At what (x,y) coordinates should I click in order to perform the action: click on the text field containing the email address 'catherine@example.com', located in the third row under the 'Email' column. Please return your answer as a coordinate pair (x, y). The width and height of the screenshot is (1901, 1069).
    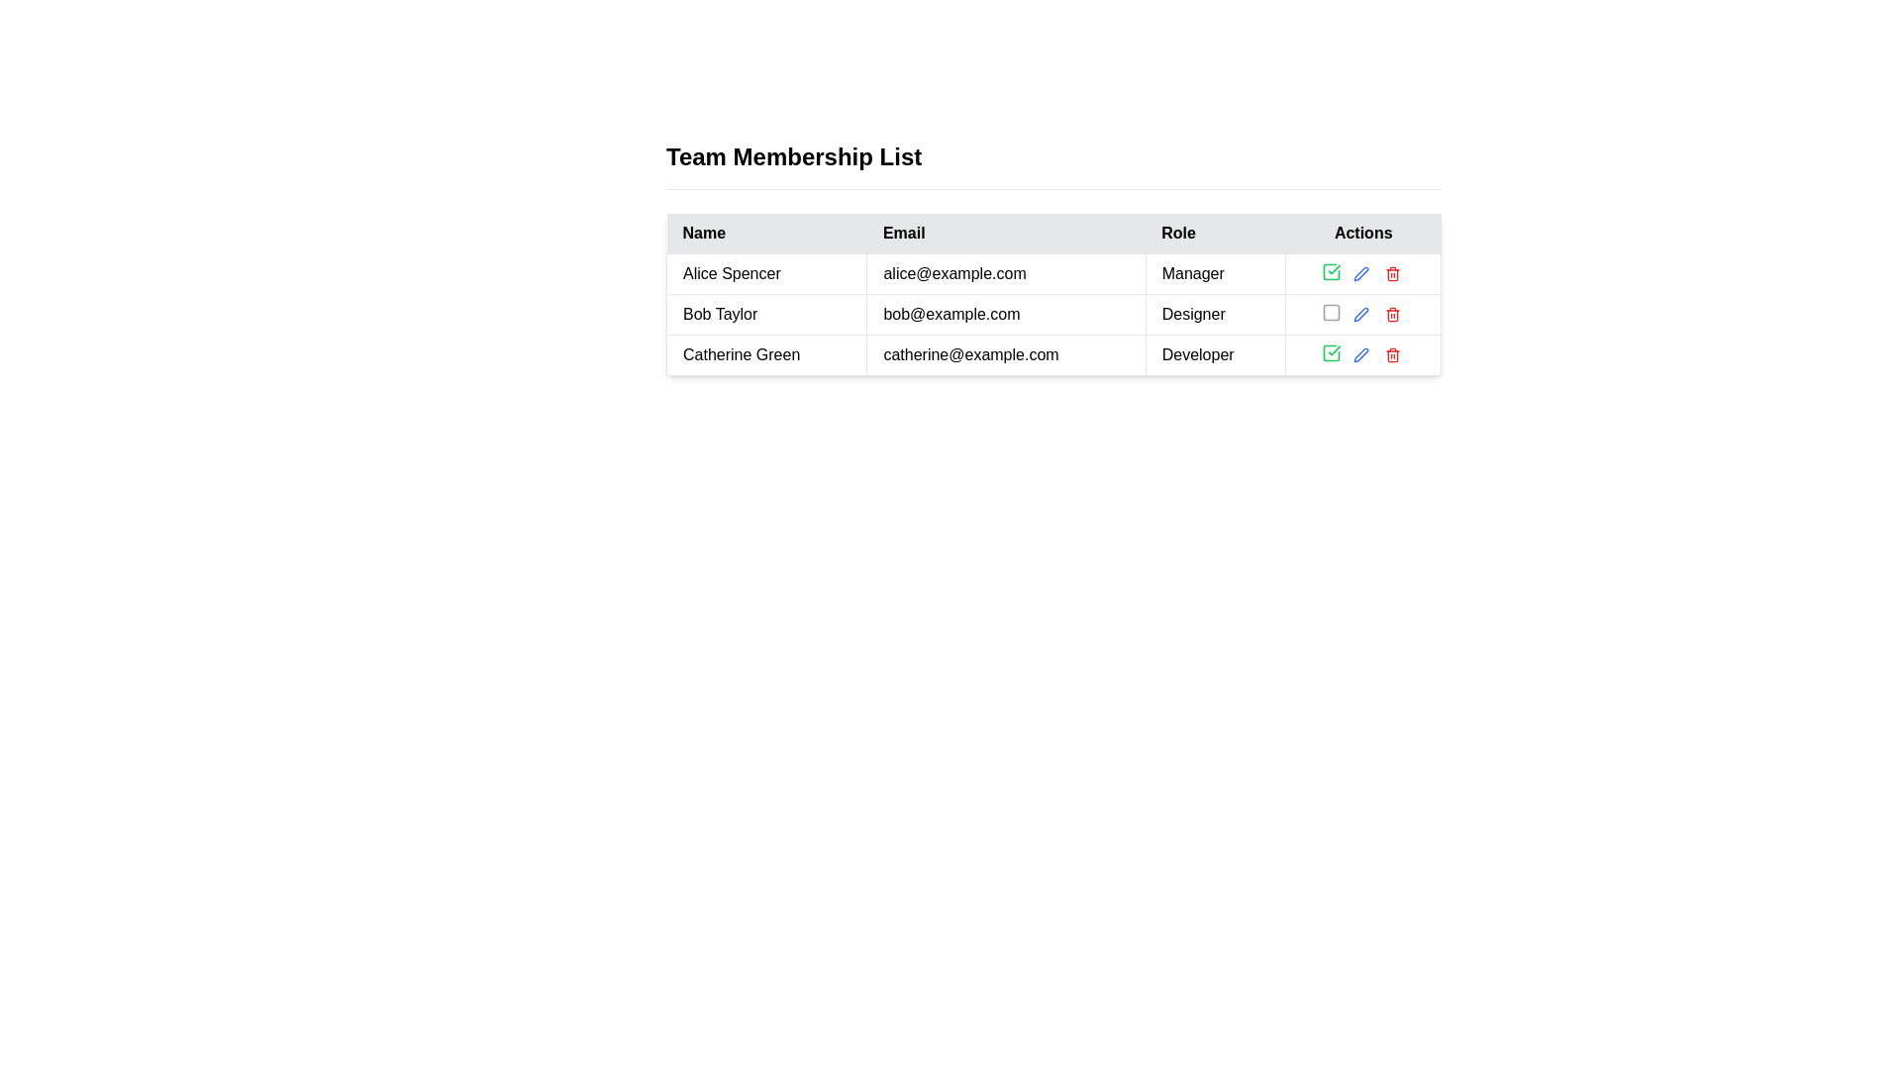
    Looking at the image, I should click on (1006, 353).